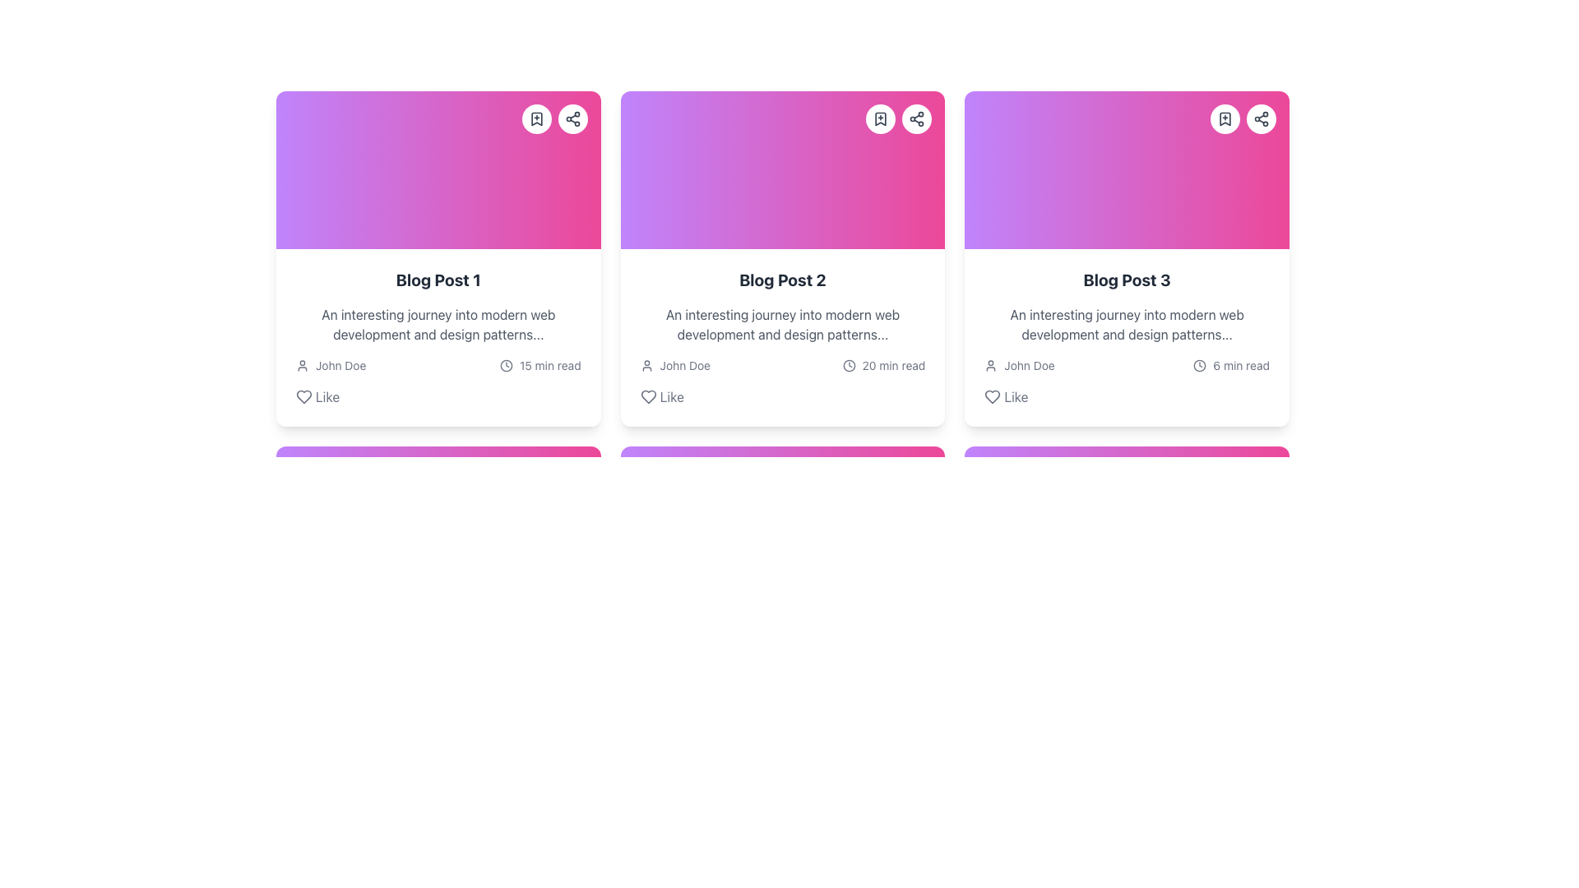 The width and height of the screenshot is (1579, 888). Describe the element at coordinates (781, 324) in the screenshot. I see `displayed text in the Text block located below the 'Blog Post 2' title, centered within the card layout` at that location.